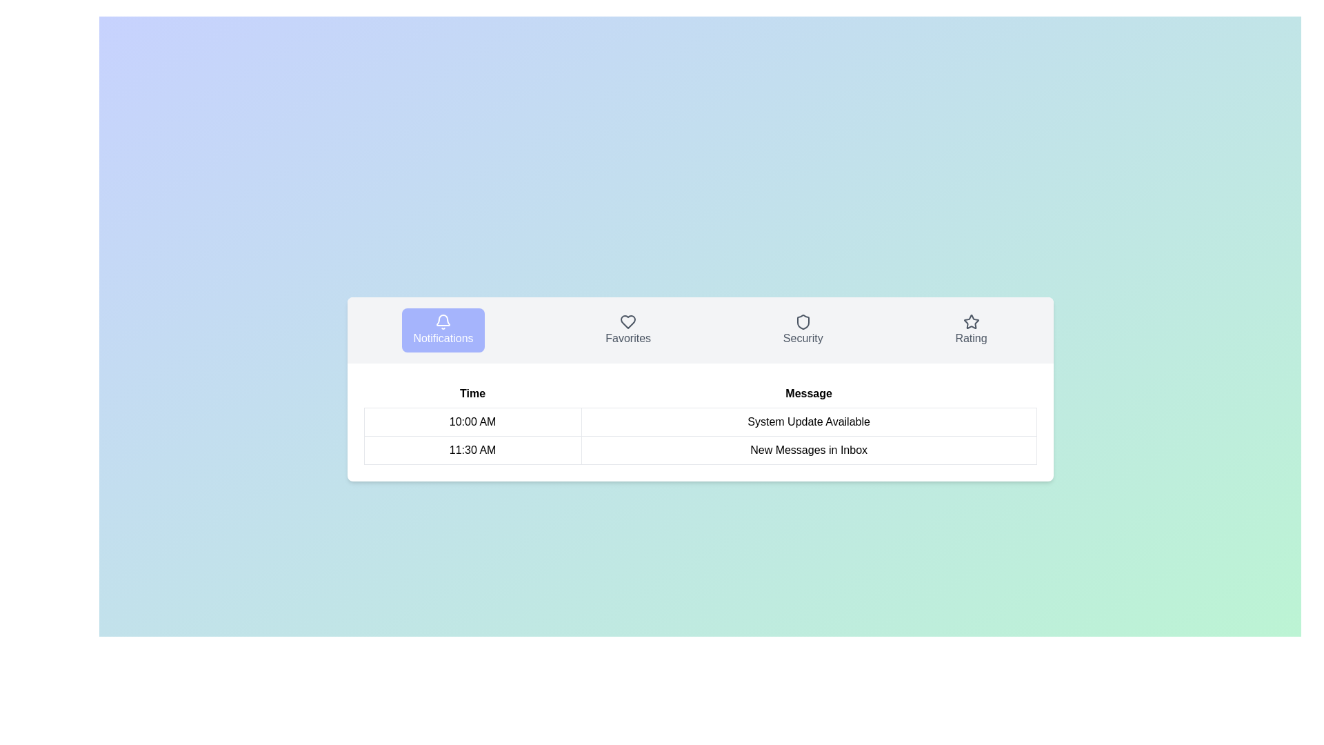 The image size is (1324, 745). Describe the element at coordinates (628, 321) in the screenshot. I see `the 'Favorites' icon located in the navigation bar, situated between 'Notifications' and 'Security'` at that location.